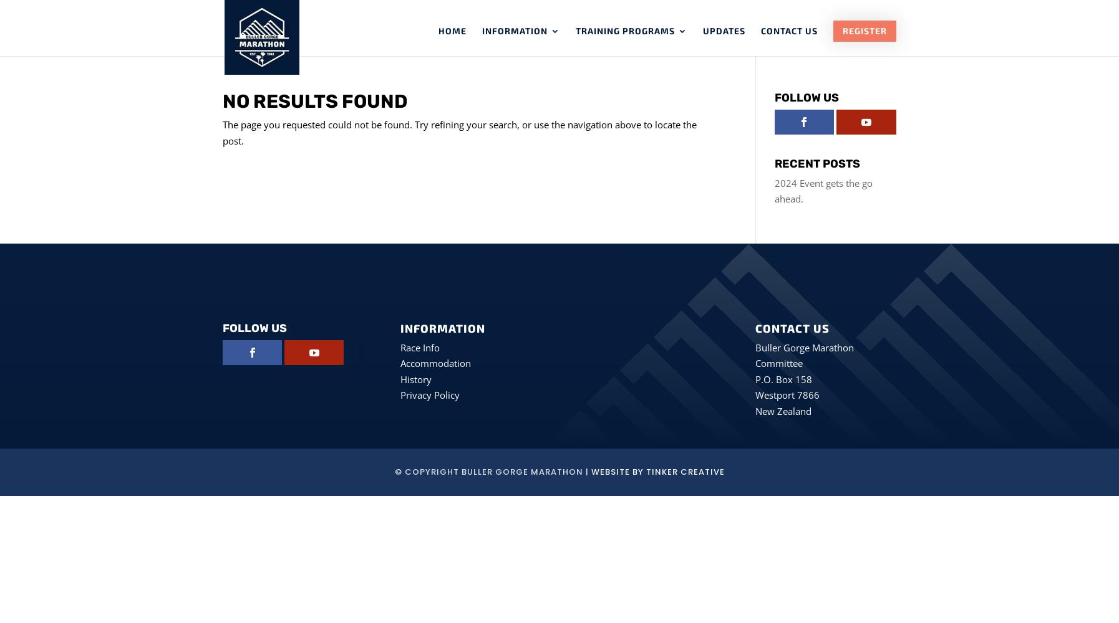 This screenshot has height=623, width=1119. What do you see at coordinates (816, 163) in the screenshot?
I see `'Recent Posts'` at bounding box center [816, 163].